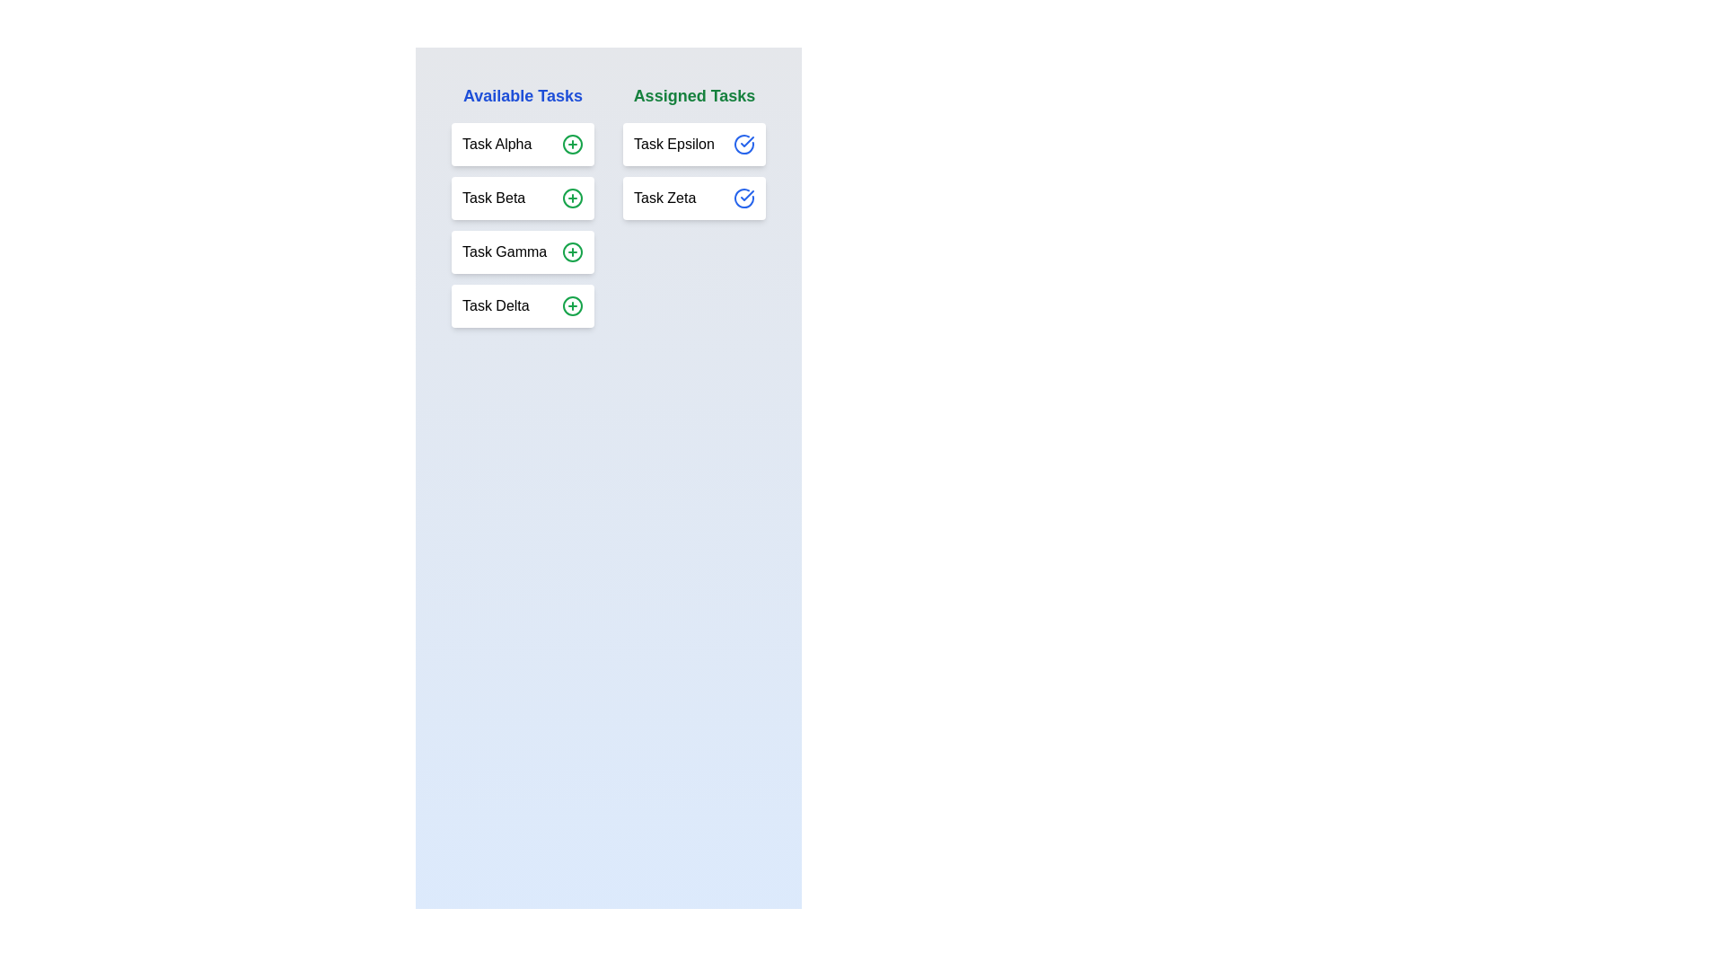  I want to click on plus icon next to the task Task Gamma to assign it, so click(572, 252).